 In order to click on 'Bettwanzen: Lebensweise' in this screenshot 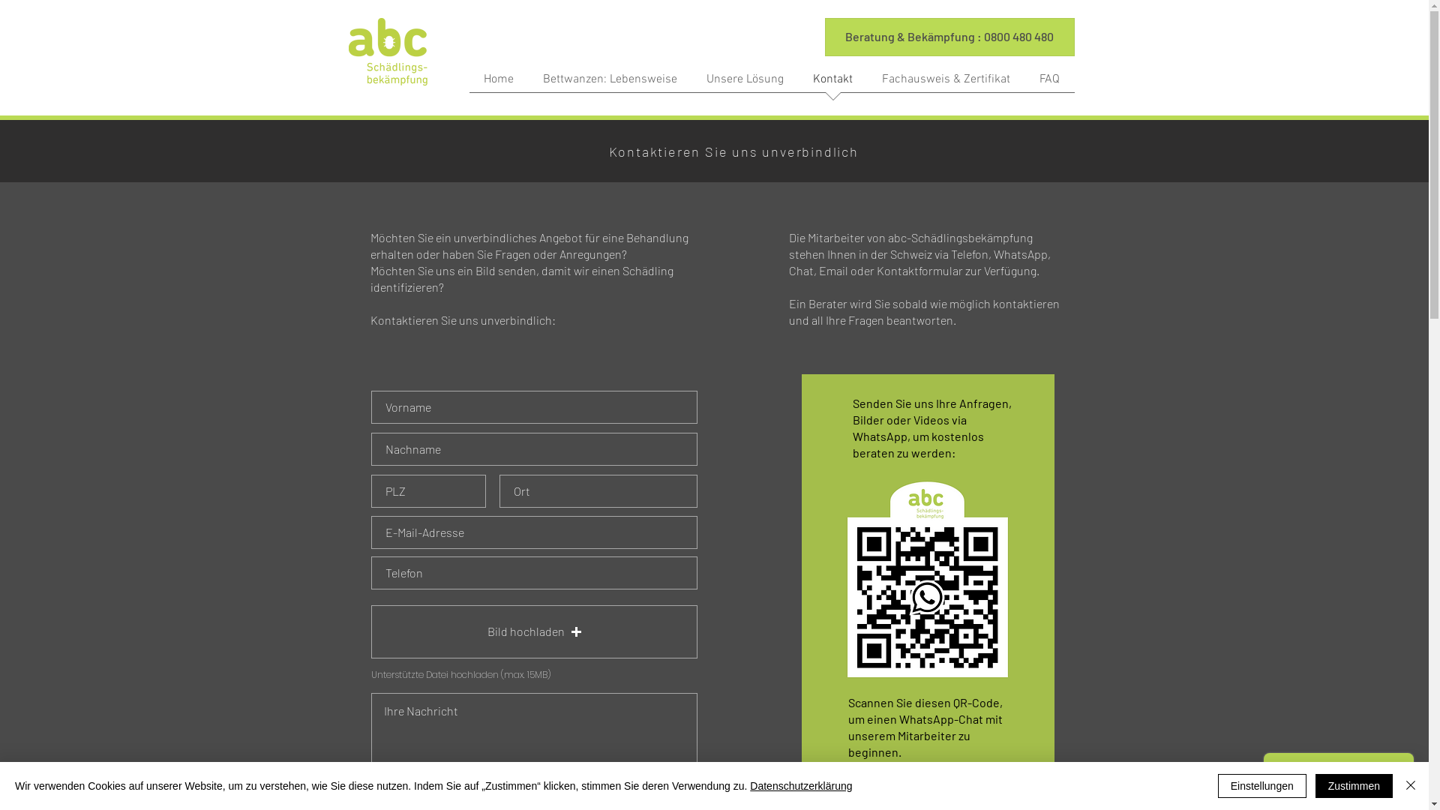, I will do `click(609, 84)`.